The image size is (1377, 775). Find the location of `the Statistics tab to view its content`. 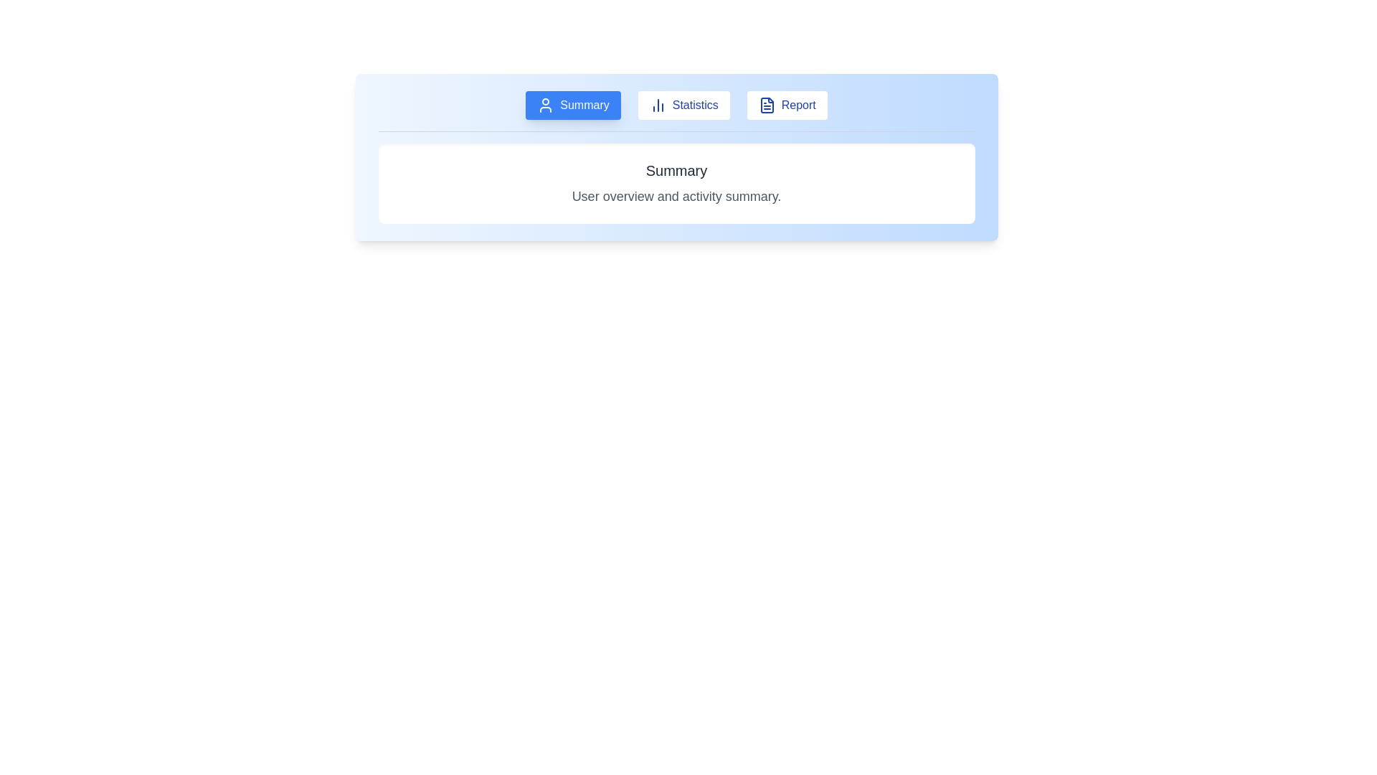

the Statistics tab to view its content is located at coordinates (683, 104).